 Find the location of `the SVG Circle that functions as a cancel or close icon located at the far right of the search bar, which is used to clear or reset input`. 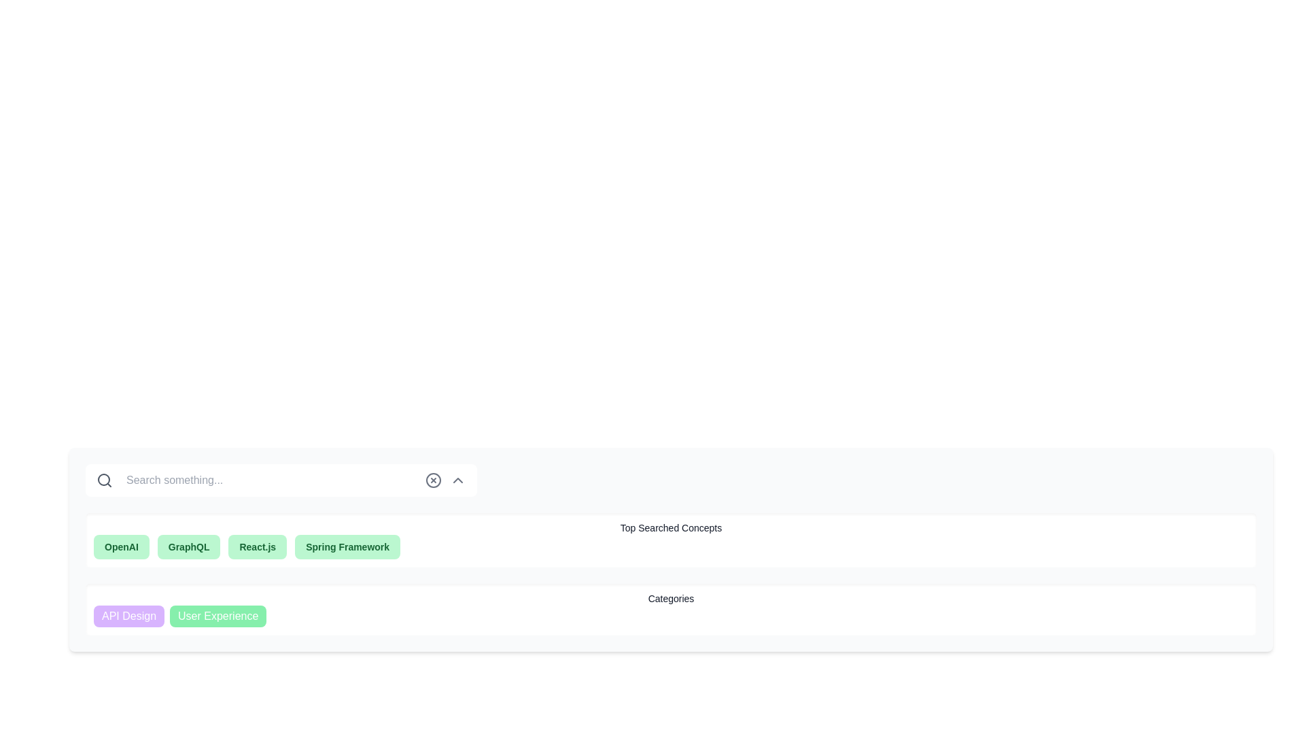

the SVG Circle that functions as a cancel or close icon located at the far right of the search bar, which is used to clear or reset input is located at coordinates (433, 479).